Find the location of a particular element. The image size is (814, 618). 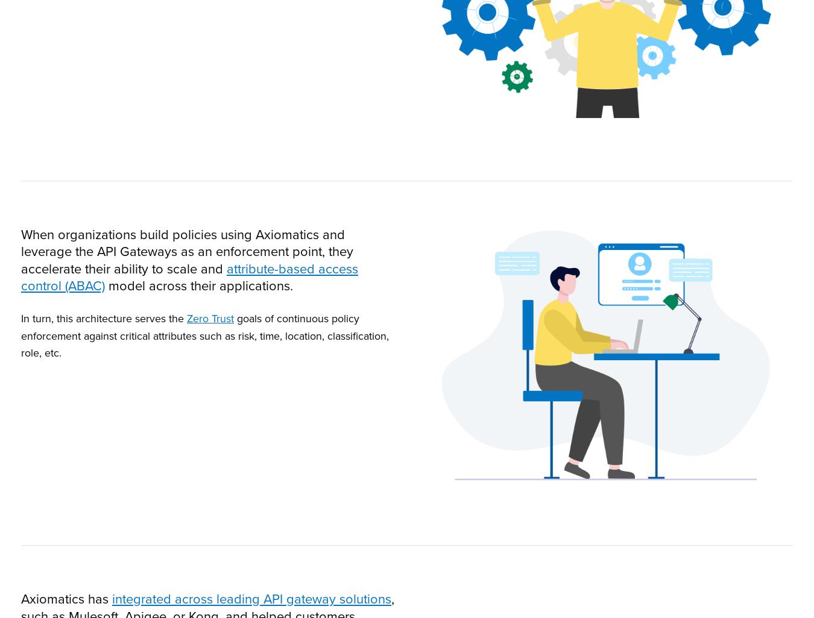

'This website stores cookies on your computer. These cookies are used to improve your website experience and provide more personalized services to you, both on this website and through other media. To find out more about the cookies we use, see our' is located at coordinates (405, 490).